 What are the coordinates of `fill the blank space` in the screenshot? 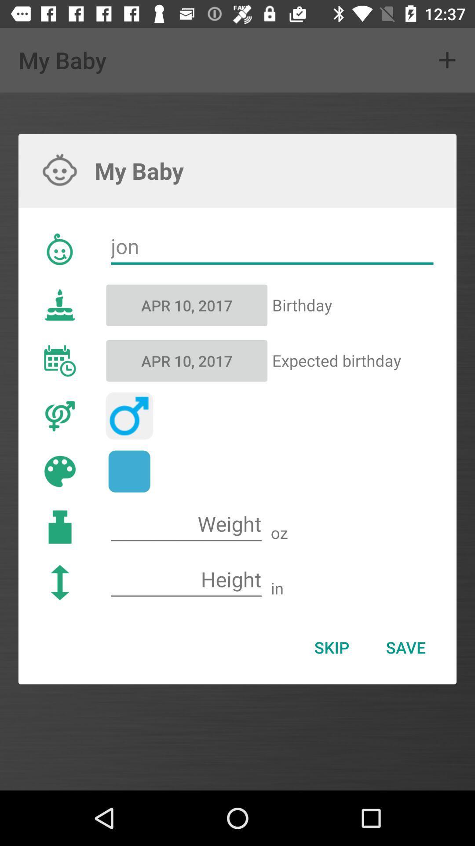 It's located at (186, 580).